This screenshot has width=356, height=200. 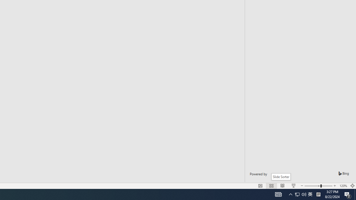 What do you see at coordinates (352, 186) in the screenshot?
I see `'Zoom to Fit '` at bounding box center [352, 186].